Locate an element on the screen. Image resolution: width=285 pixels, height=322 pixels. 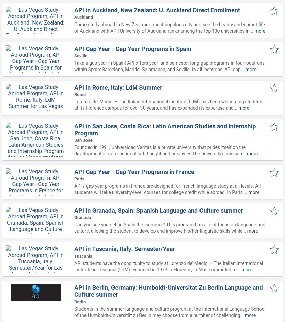
'API in Auckland, New Zealand: U. Auckland Direct Enrollment' is located at coordinates (157, 10).